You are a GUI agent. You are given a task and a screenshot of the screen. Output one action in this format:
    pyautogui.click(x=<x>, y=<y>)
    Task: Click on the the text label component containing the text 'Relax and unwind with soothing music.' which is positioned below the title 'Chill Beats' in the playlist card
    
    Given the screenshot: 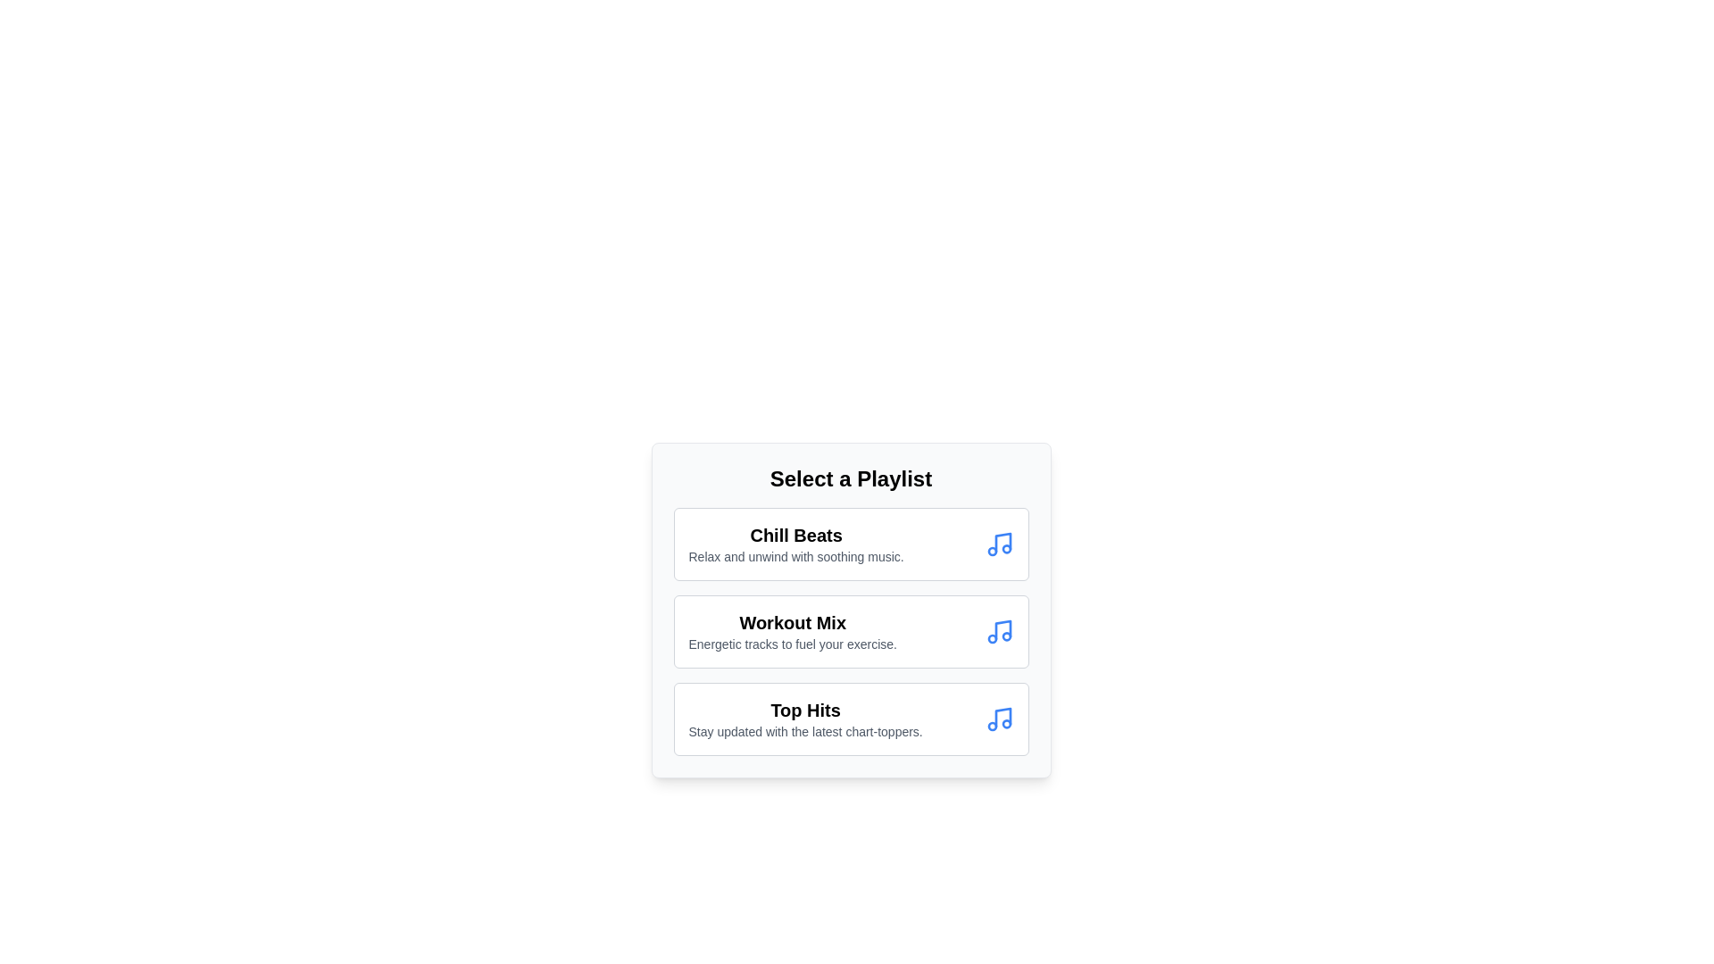 What is the action you would take?
    pyautogui.click(x=795, y=556)
    